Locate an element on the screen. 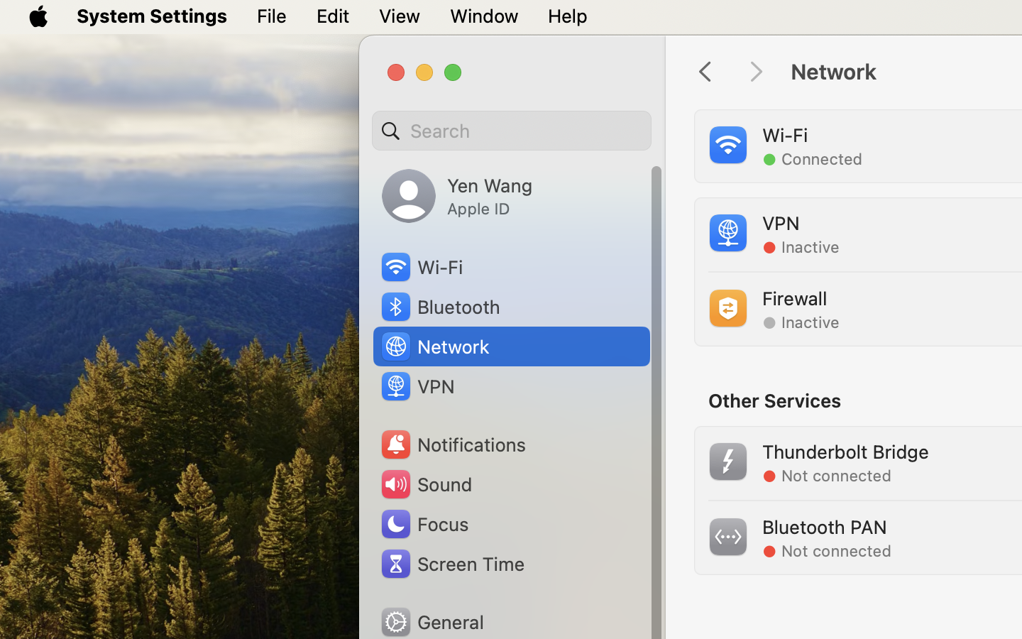  'VPN' is located at coordinates (416, 385).